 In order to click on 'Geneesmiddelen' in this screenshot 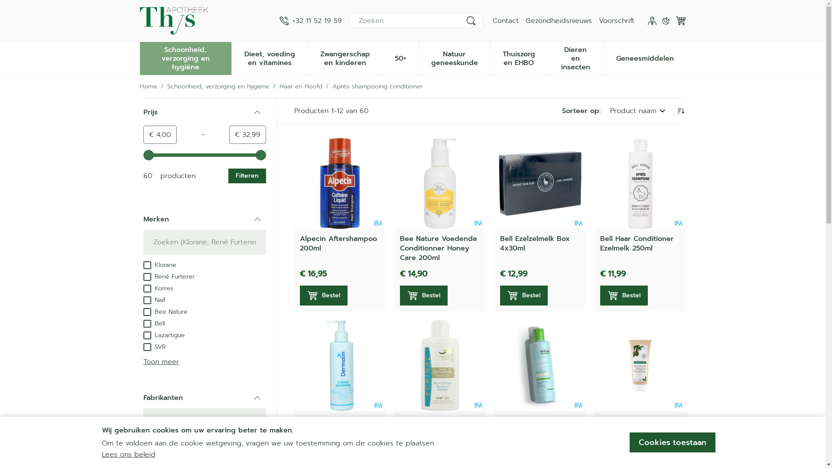, I will do `click(603, 57)`.